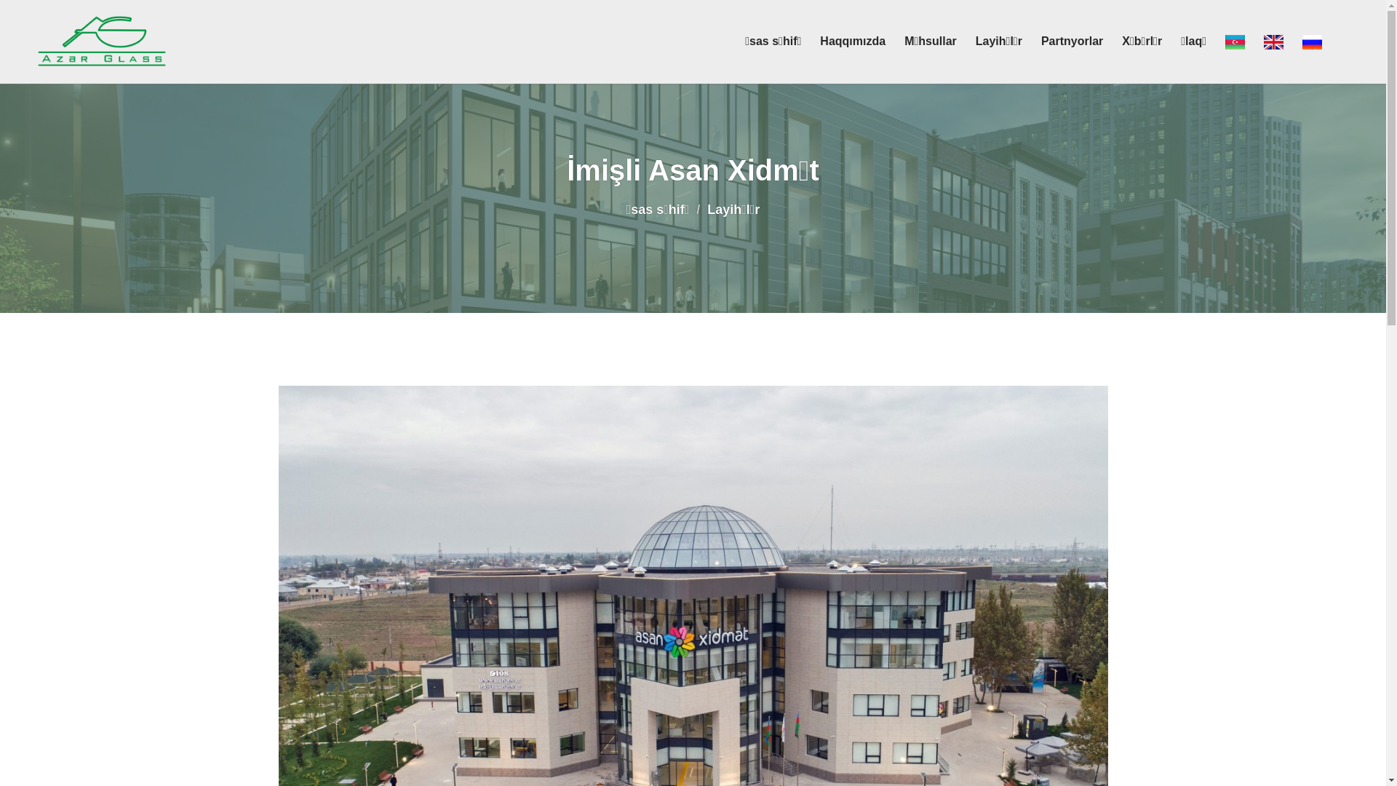  I want to click on 'Partnyorlar', so click(1072, 41).